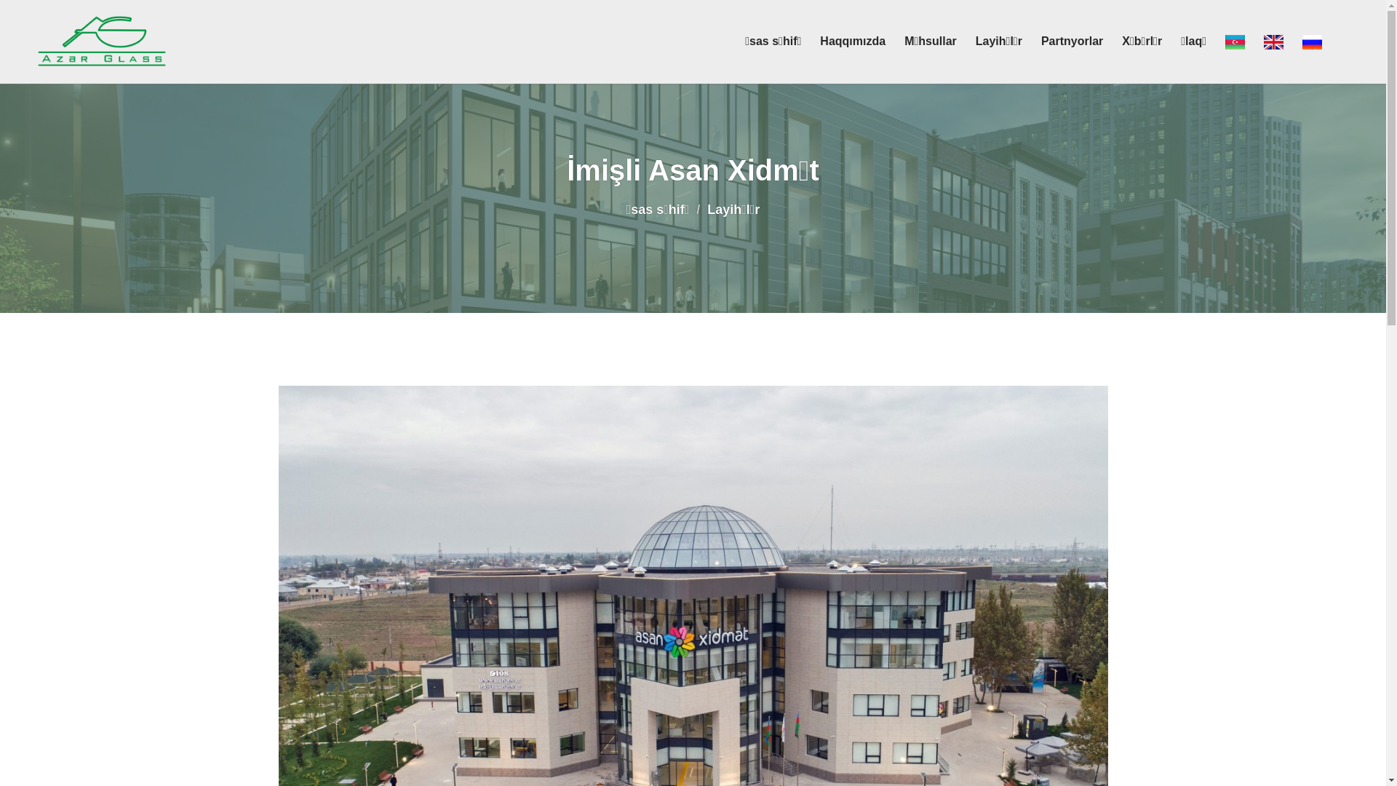  I want to click on 'Partnyorlar', so click(1072, 41).